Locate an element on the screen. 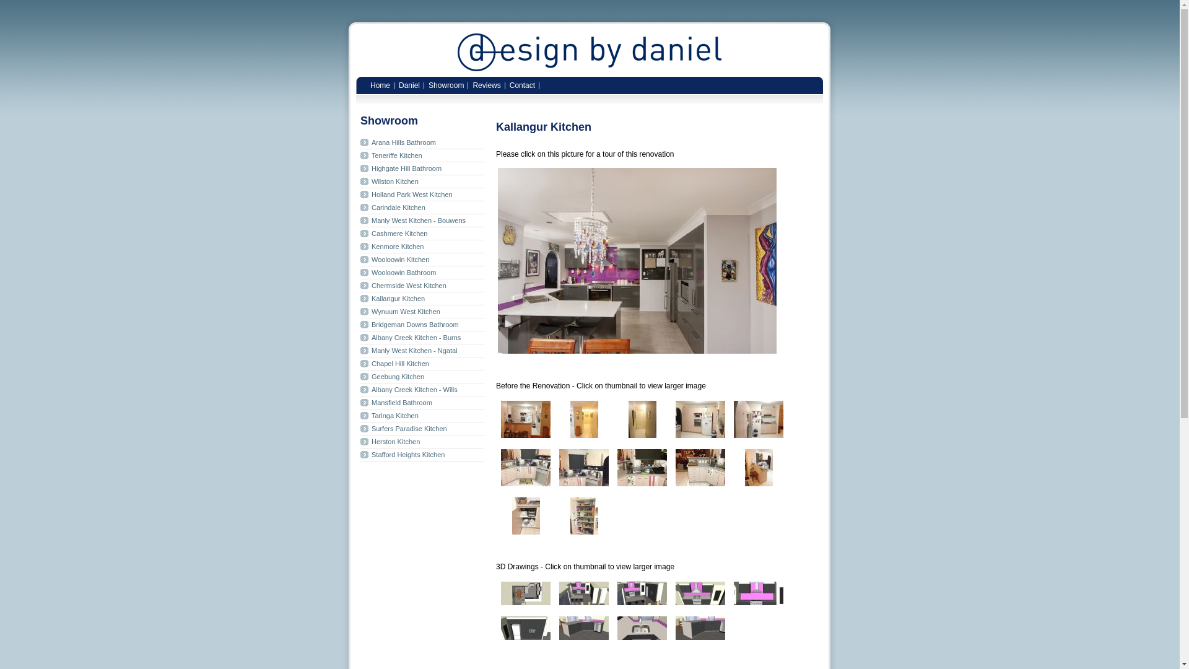  'Albany Creek Kitchen - Wills' is located at coordinates (359, 389).